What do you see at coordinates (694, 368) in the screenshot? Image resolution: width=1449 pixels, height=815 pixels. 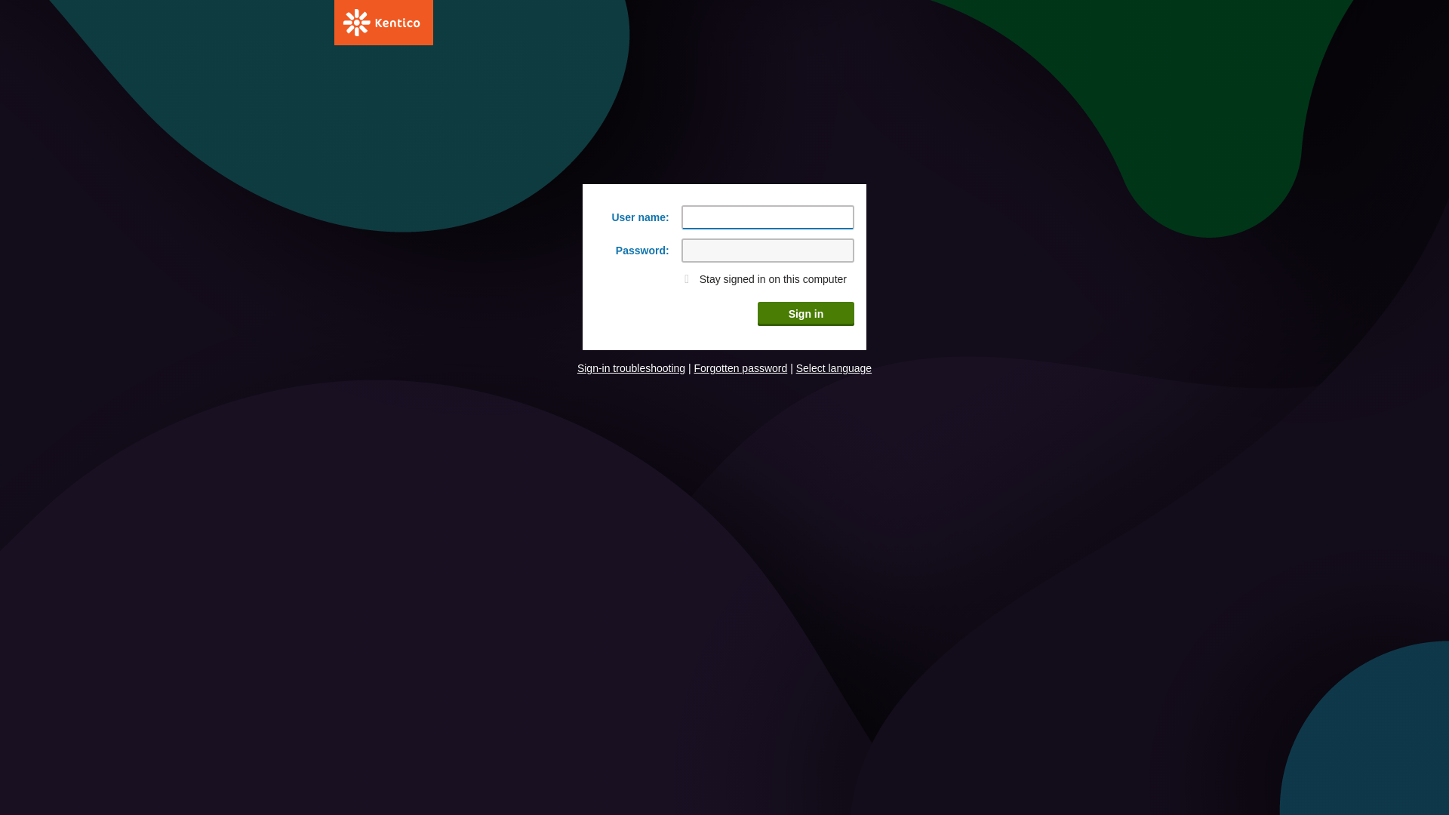 I see `'Forgotten password'` at bounding box center [694, 368].